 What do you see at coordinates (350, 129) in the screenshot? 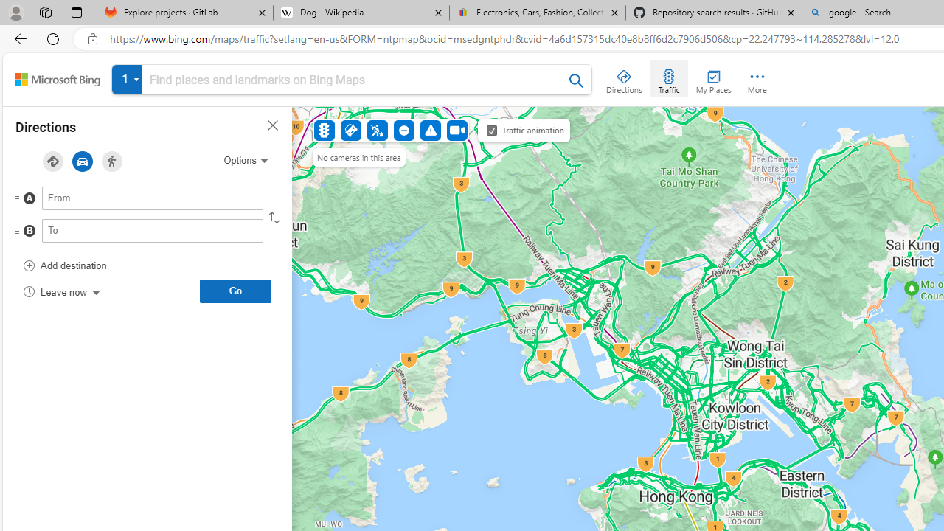
I see `'Accidents'` at bounding box center [350, 129].